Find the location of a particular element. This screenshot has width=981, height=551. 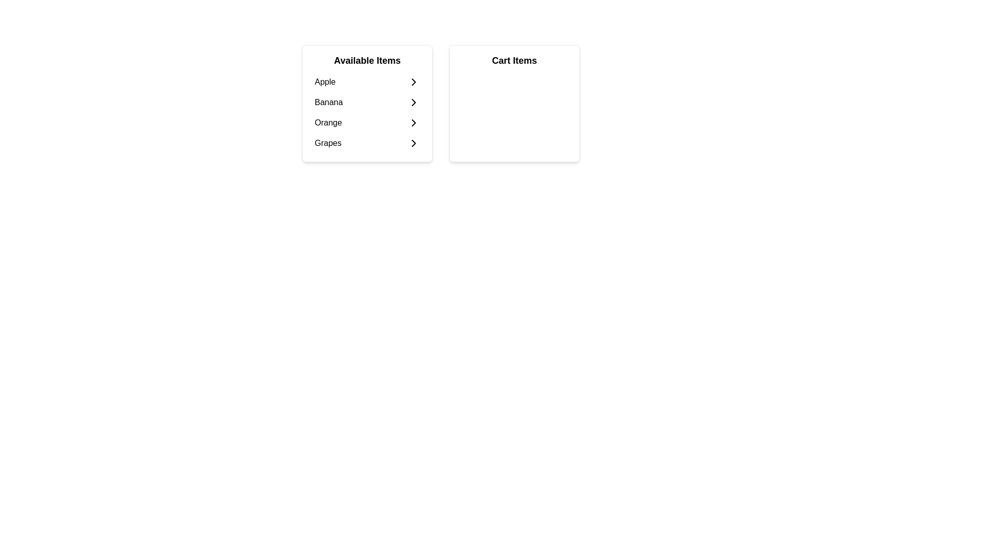

the right-facing arrow icon at the far-right of the 'Orange' item in the 'Available Items' menu is located at coordinates (414, 122).